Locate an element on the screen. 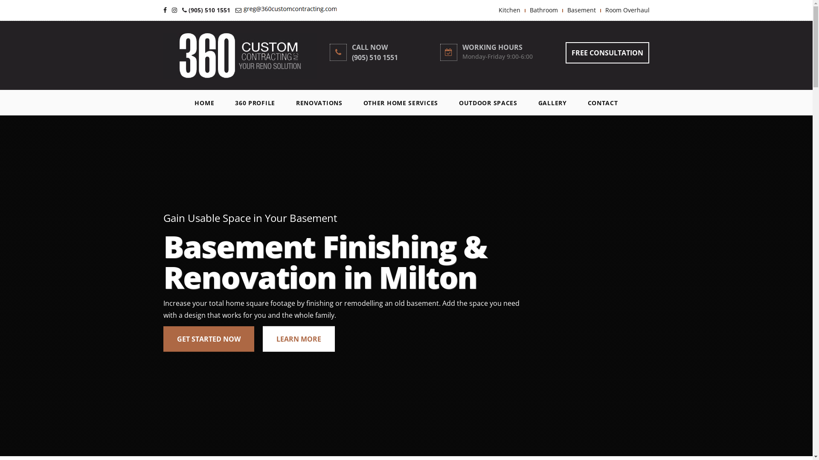 This screenshot has width=819, height=460. 'Bathroom' is located at coordinates (543, 10).